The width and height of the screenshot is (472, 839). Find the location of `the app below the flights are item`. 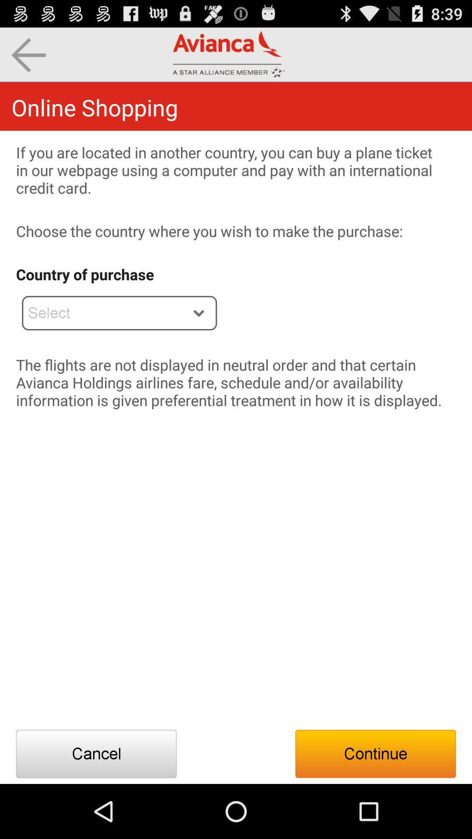

the app below the flights are item is located at coordinates (96, 753).